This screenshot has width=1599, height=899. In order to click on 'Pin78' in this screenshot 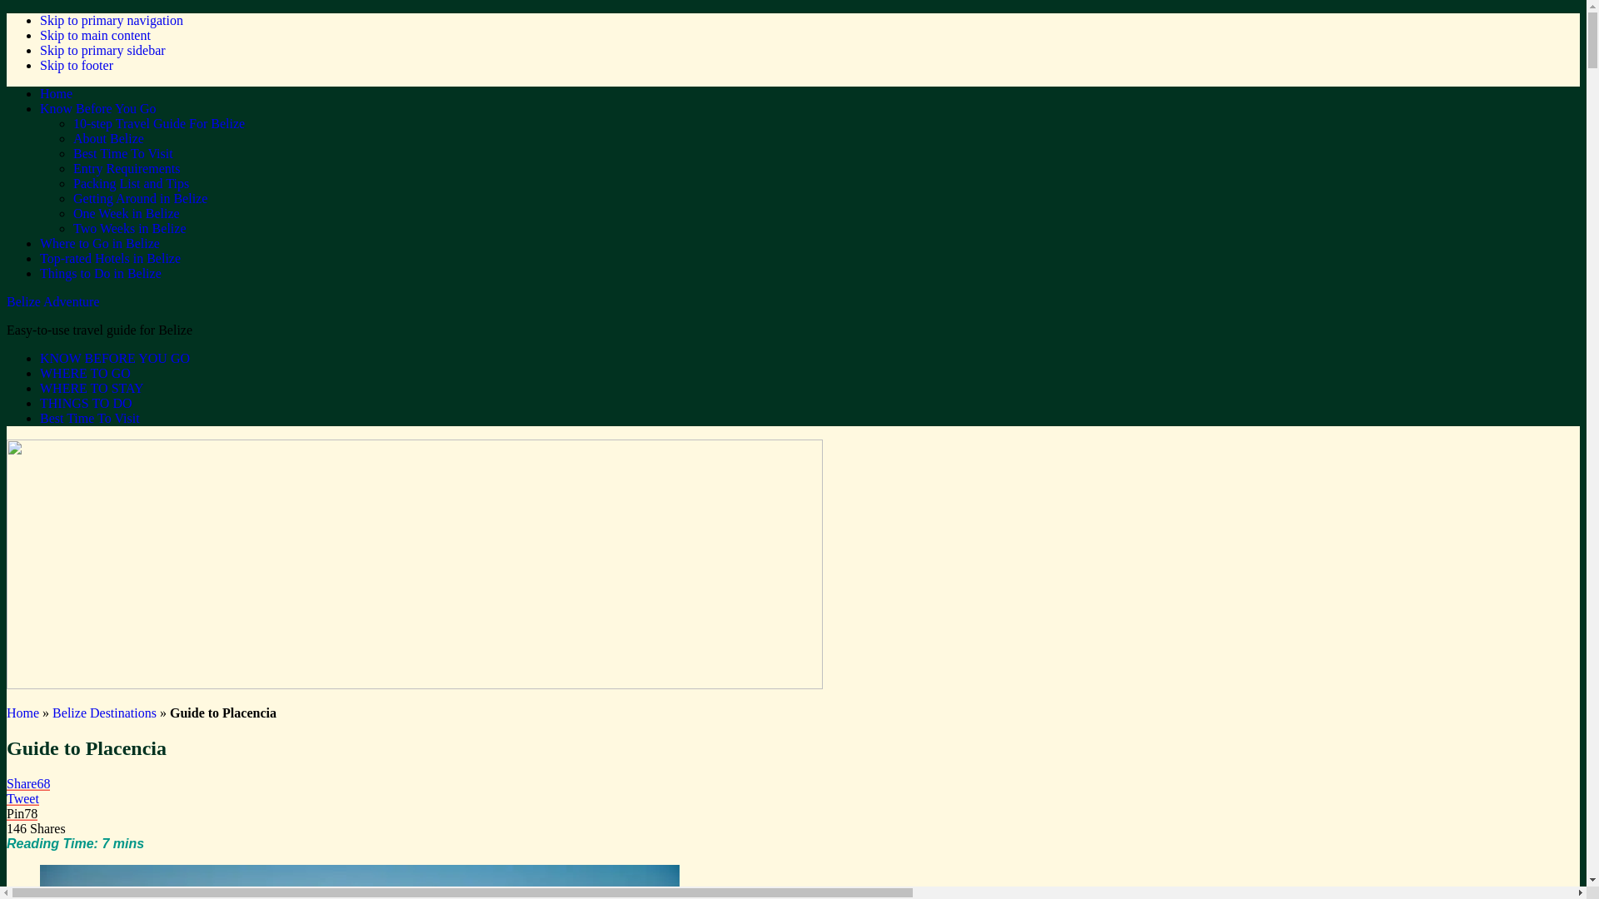, I will do `click(22, 812)`.